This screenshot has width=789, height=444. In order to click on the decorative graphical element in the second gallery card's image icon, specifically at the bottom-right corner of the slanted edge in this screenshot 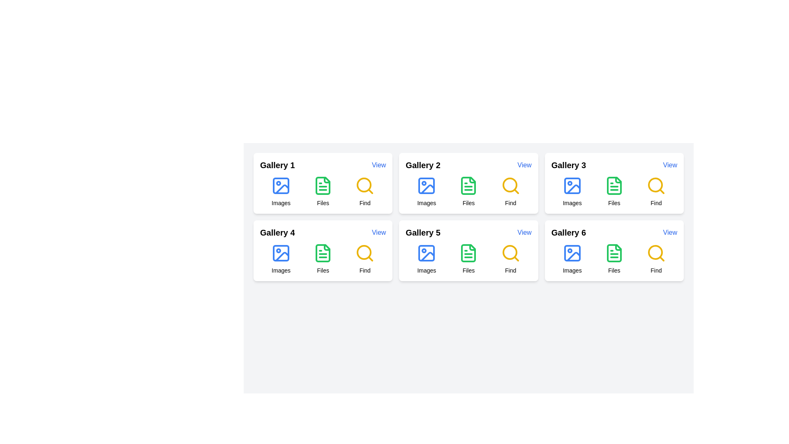, I will do `click(427, 189)`.